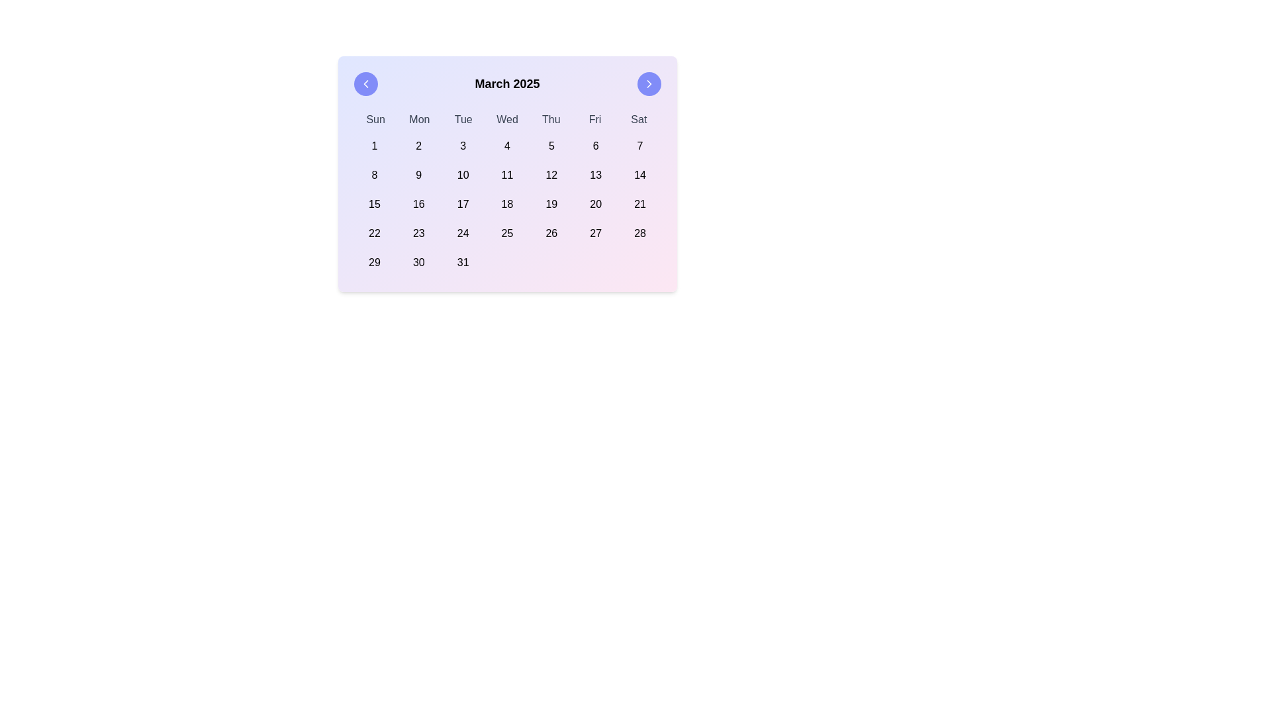 This screenshot has height=715, width=1271. Describe the element at coordinates (640, 146) in the screenshot. I see `the button representing a selectable day in the top-right corner of the calendar grid to change its appearance` at that location.